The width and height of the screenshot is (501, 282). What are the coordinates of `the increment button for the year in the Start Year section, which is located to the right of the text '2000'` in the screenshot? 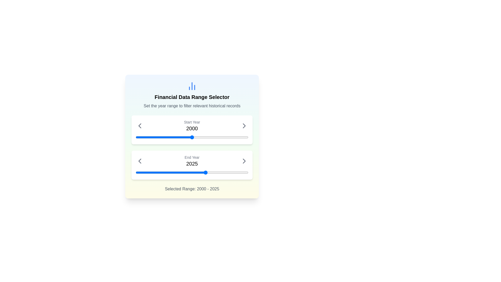 It's located at (244, 126).